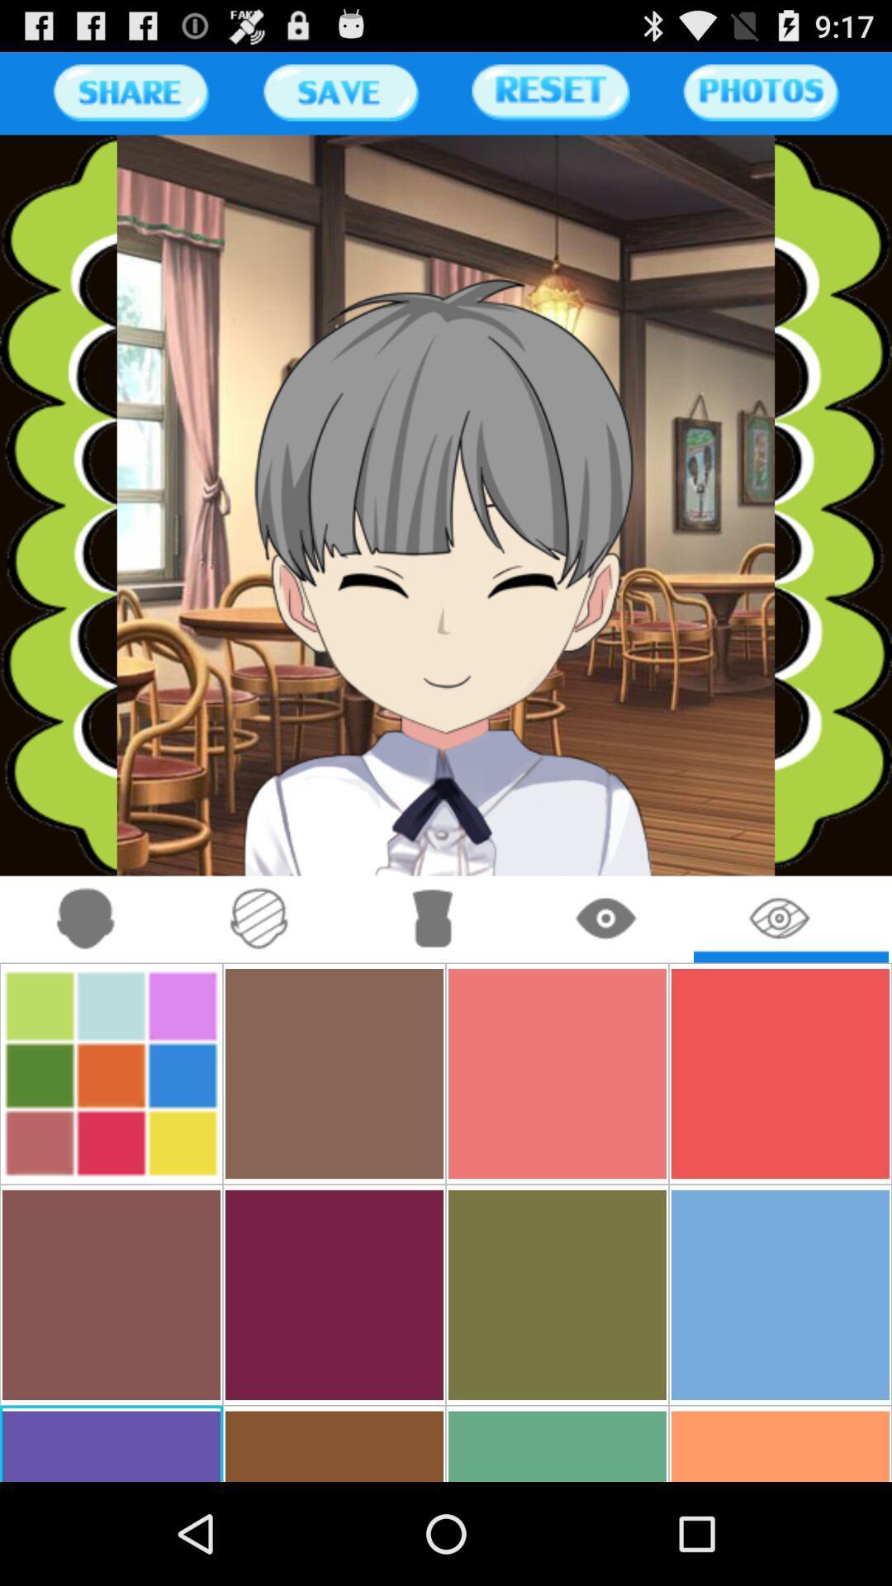 This screenshot has height=1586, width=892. What do you see at coordinates (761, 92) in the screenshot?
I see `photos` at bounding box center [761, 92].